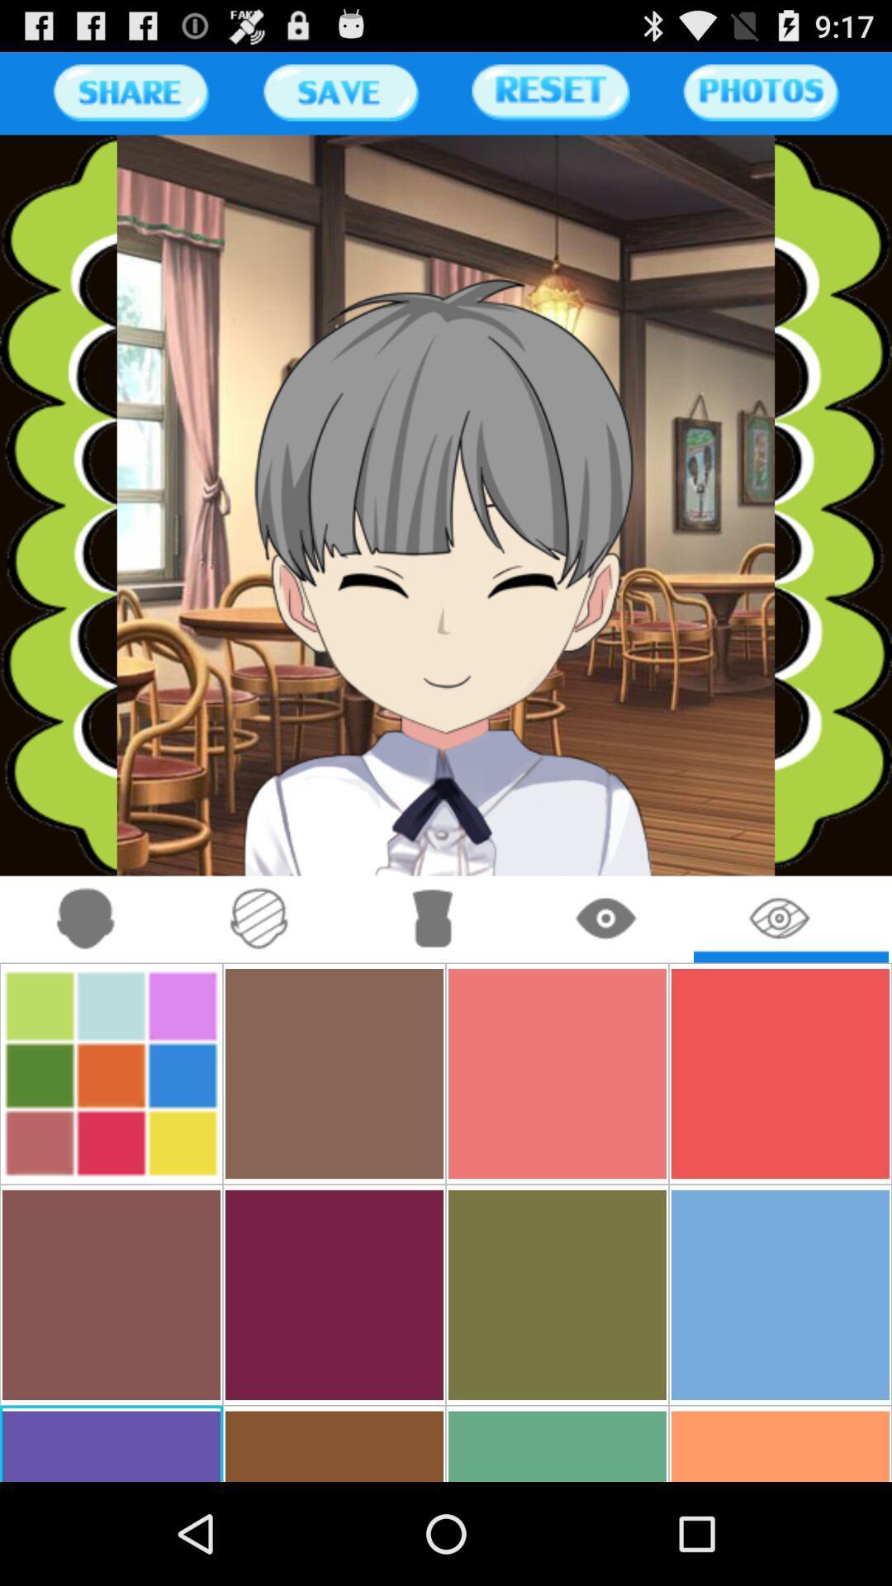 This screenshot has height=1586, width=892. What do you see at coordinates (761, 92) in the screenshot?
I see `photos` at bounding box center [761, 92].